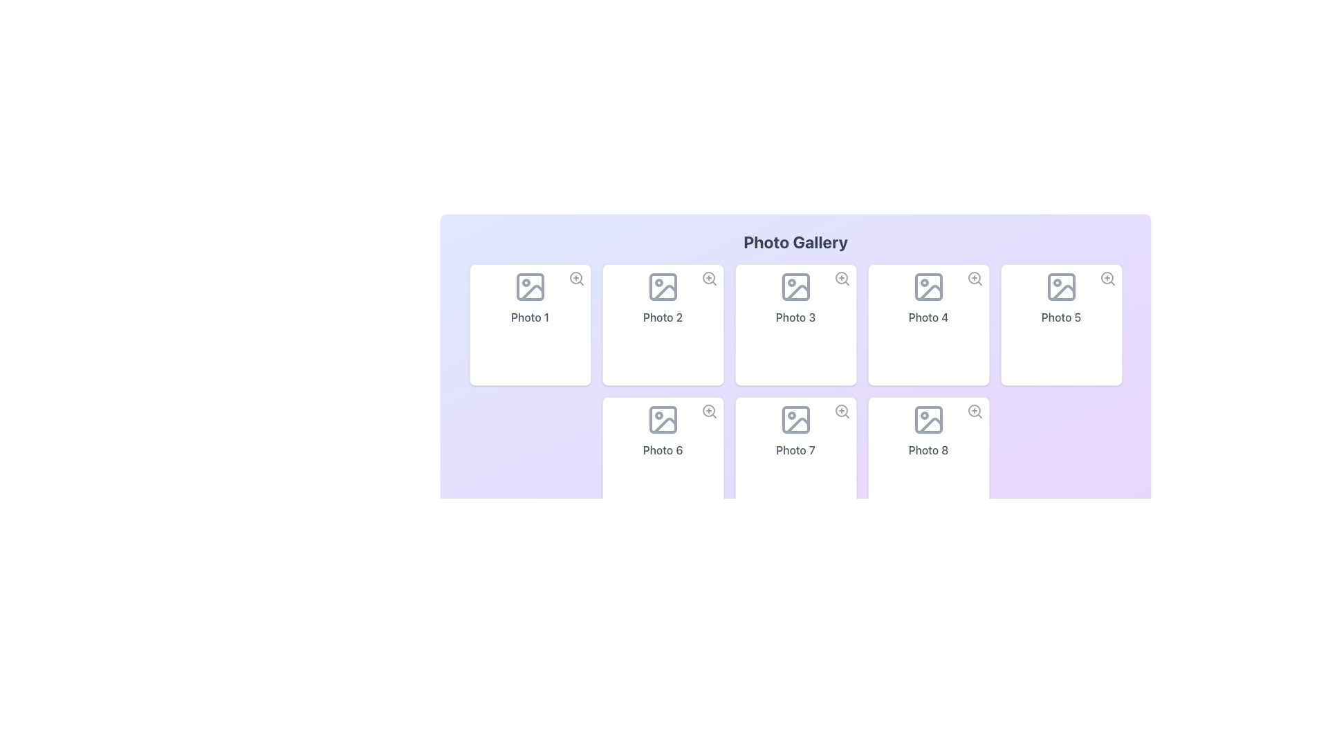  I want to click on to select the photo represented by the Card Element, which is the third tile in a row of five in the gallery layout, so click(795, 325).